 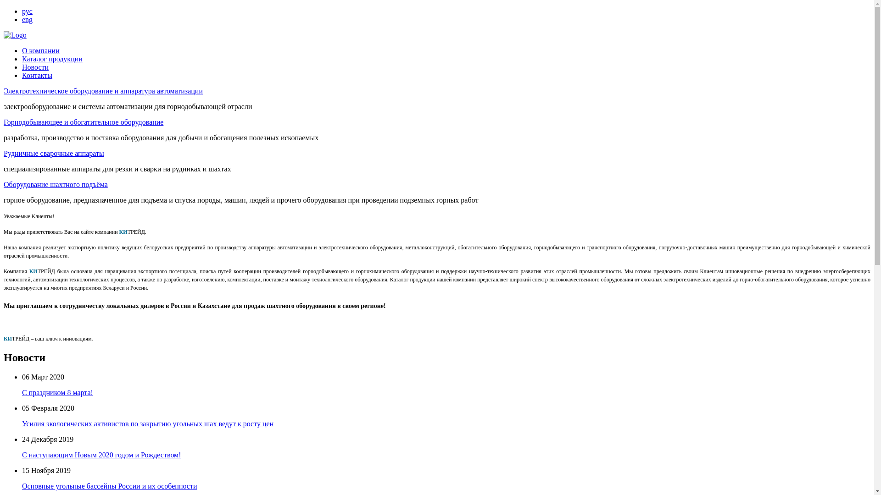 What do you see at coordinates (27, 19) in the screenshot?
I see `'eng'` at bounding box center [27, 19].